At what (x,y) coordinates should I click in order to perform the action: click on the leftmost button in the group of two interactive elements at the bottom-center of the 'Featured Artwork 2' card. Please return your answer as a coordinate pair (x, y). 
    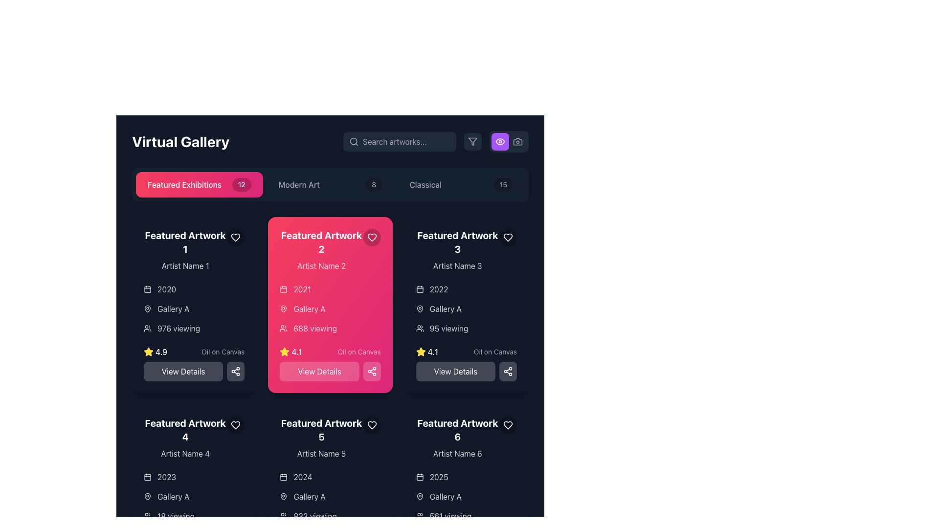
    Looking at the image, I should click on (319, 371).